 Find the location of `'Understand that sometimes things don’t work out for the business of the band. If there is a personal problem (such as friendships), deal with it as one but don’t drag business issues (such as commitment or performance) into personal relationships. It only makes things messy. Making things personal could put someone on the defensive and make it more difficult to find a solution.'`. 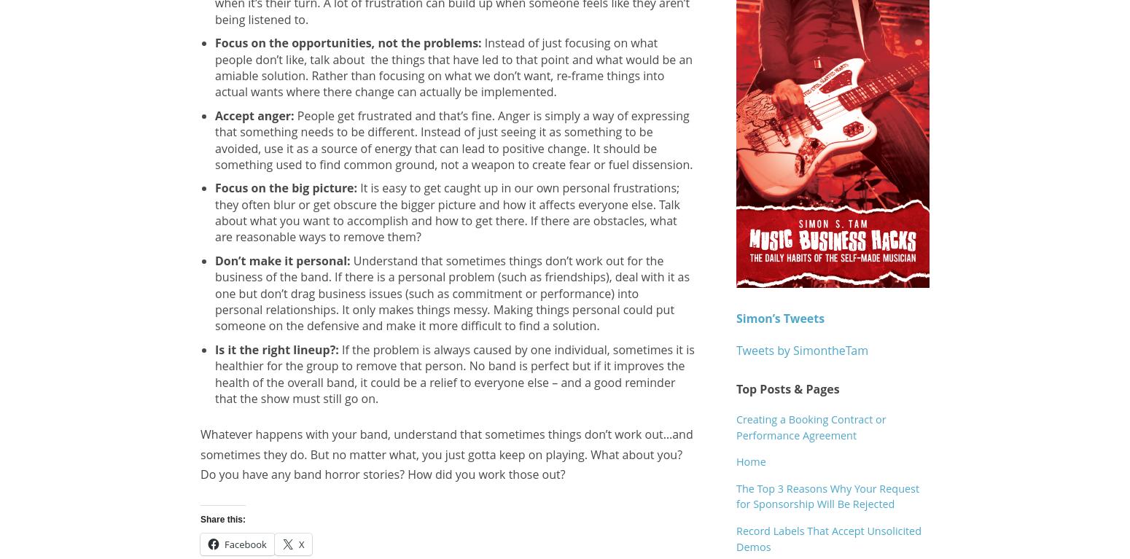

'Understand that sometimes things don’t work out for the business of the band. If there is a personal problem (such as friendships), deal with it as one but don’t drag business issues (such as commitment or performance) into personal relationships. It only makes things messy. Making things personal could put someone on the defensive and make it more difficult to find a solution.' is located at coordinates (214, 292).